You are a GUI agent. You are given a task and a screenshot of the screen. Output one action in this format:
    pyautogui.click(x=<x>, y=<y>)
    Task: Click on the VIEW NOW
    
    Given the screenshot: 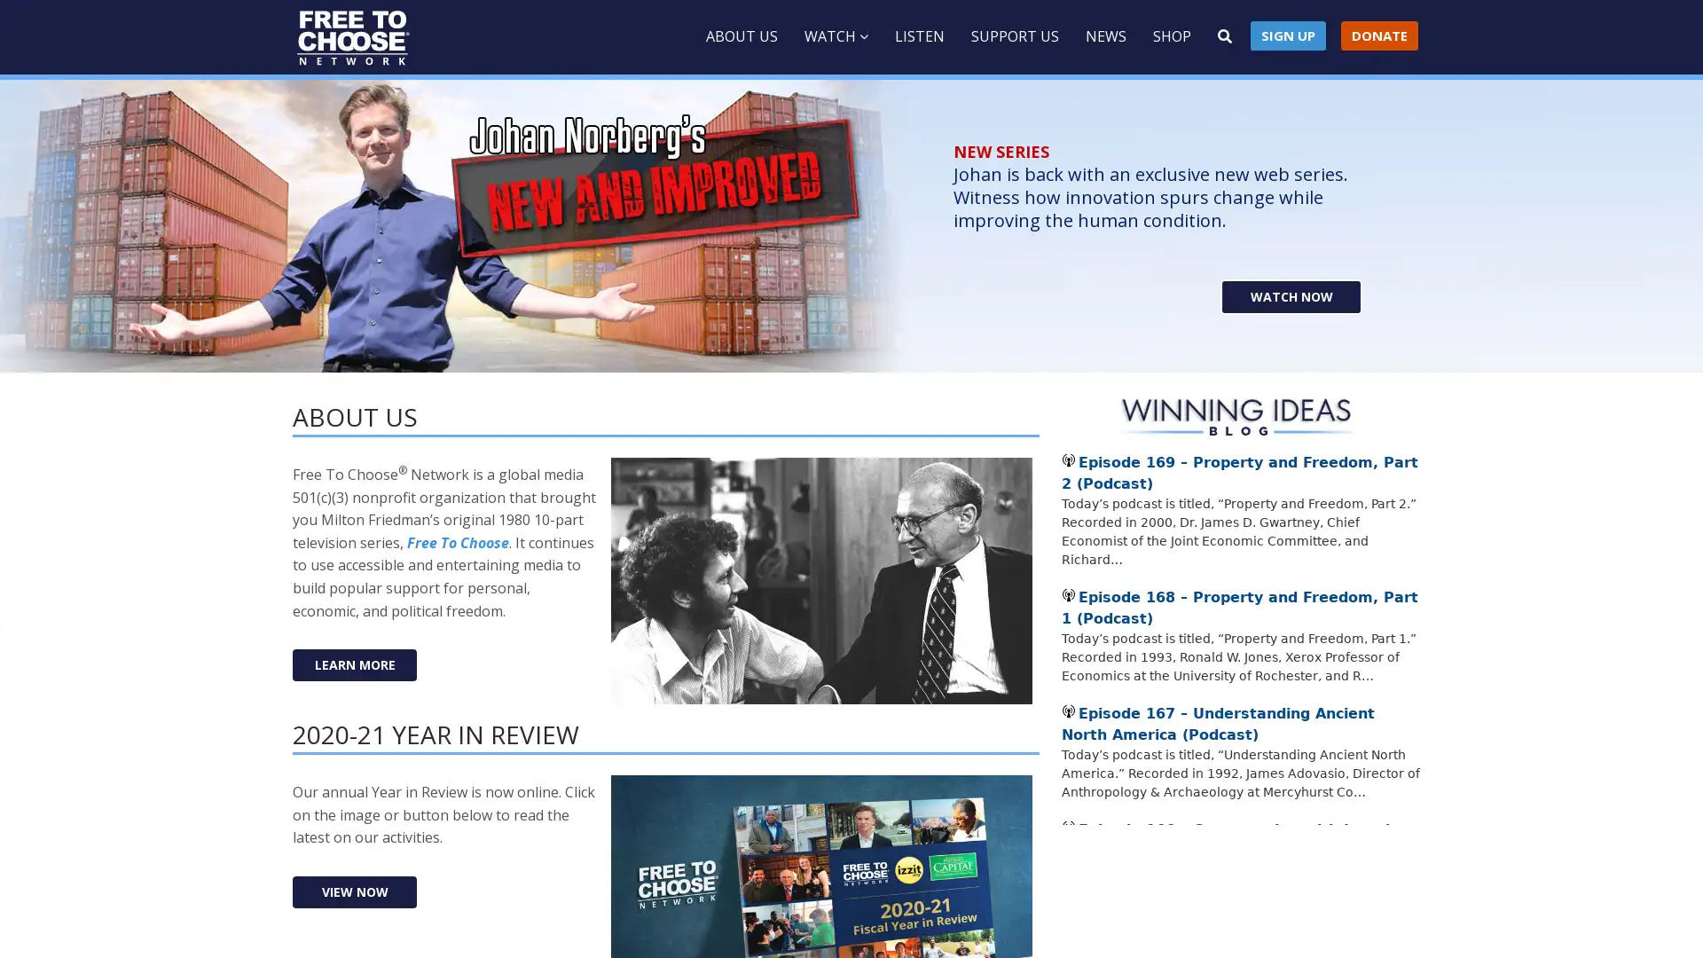 What is the action you would take?
    pyautogui.click(x=354, y=891)
    